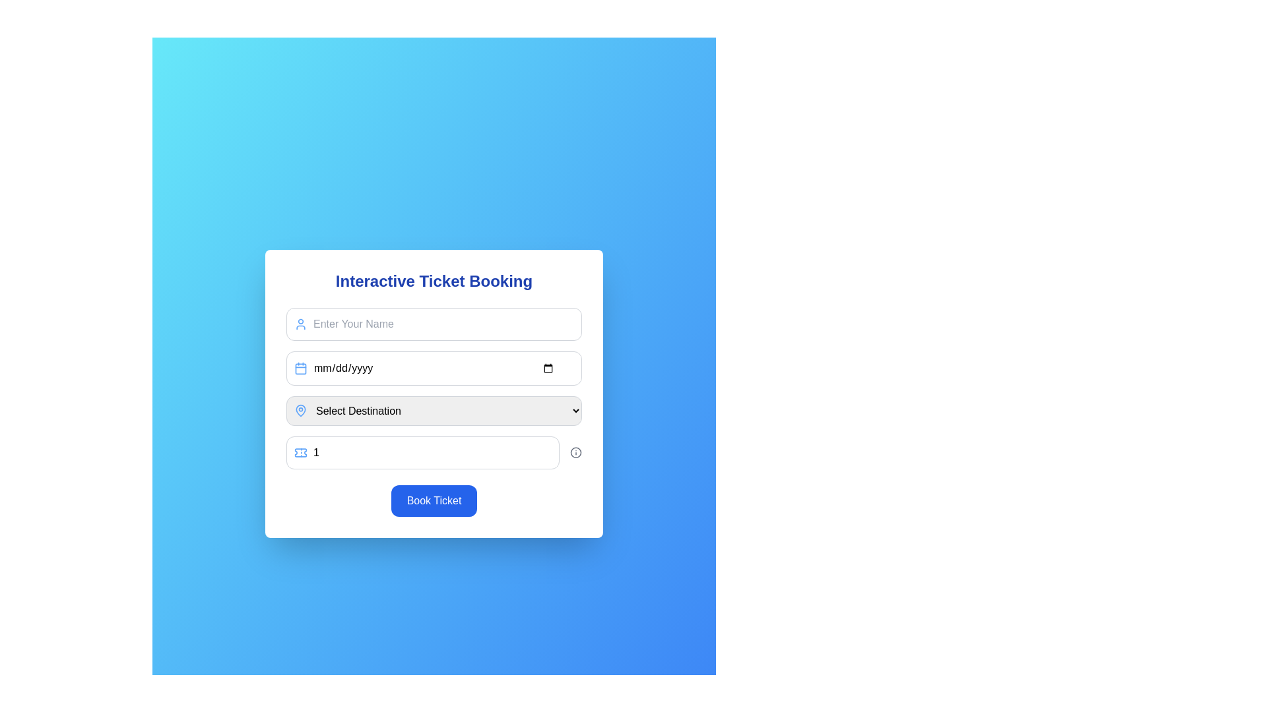 The width and height of the screenshot is (1267, 712). What do you see at coordinates (300, 452) in the screenshot?
I see `the decorative icon indicating ticket count, located to the far left of the numerical input field in the booking interface` at bounding box center [300, 452].